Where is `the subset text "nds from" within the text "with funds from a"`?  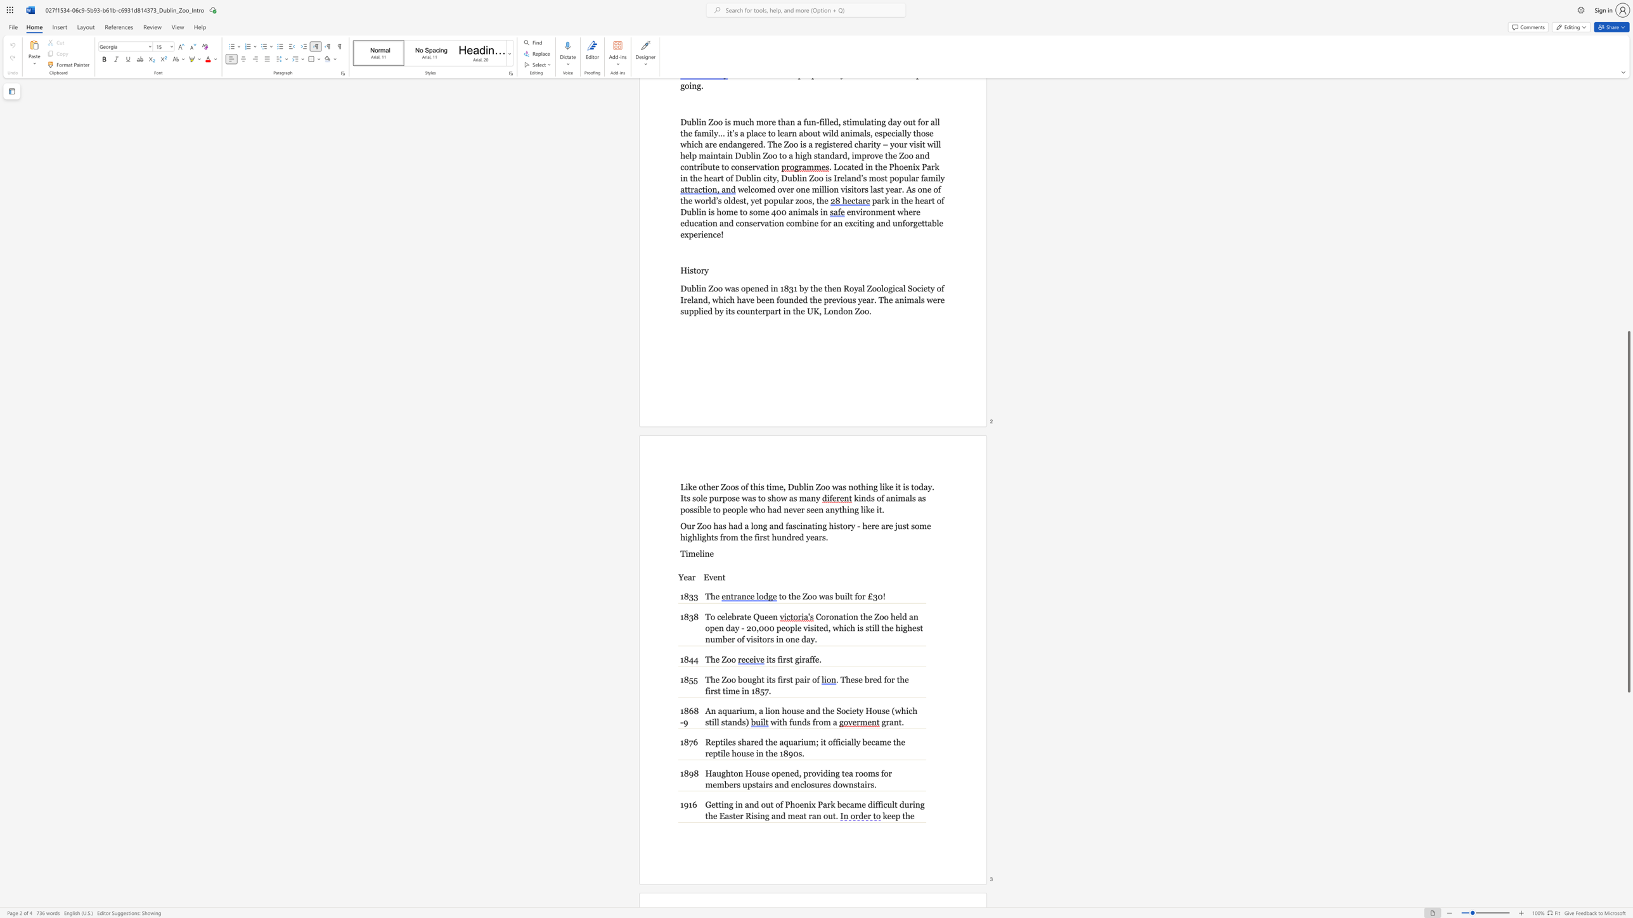
the subset text "nds from" within the text "with funds from a" is located at coordinates (796, 721).